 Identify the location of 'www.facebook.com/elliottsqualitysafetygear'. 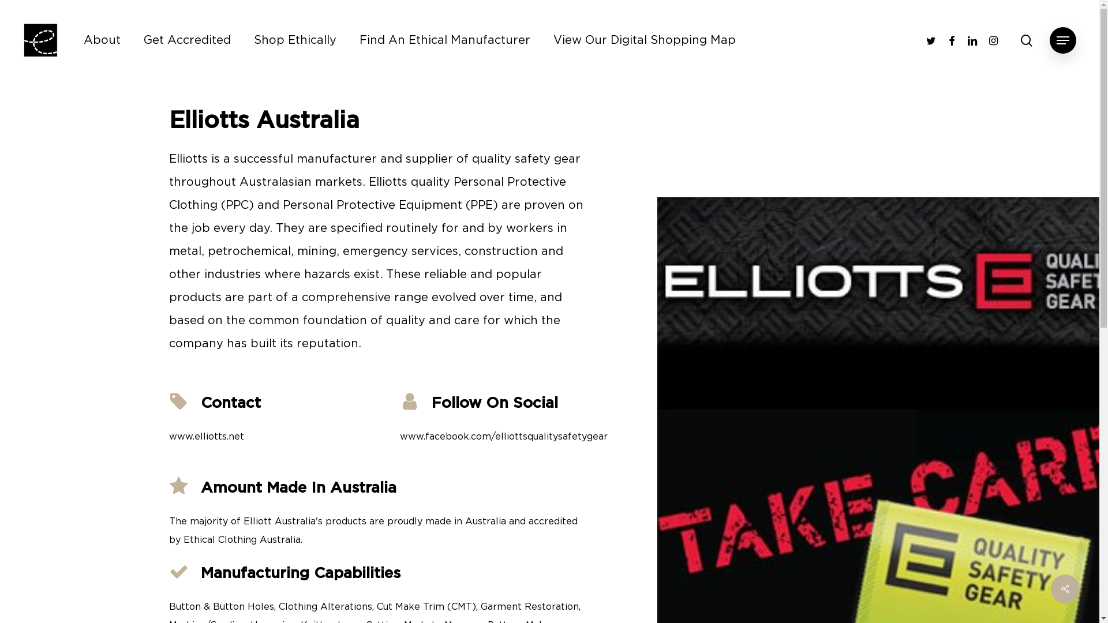
(504, 436).